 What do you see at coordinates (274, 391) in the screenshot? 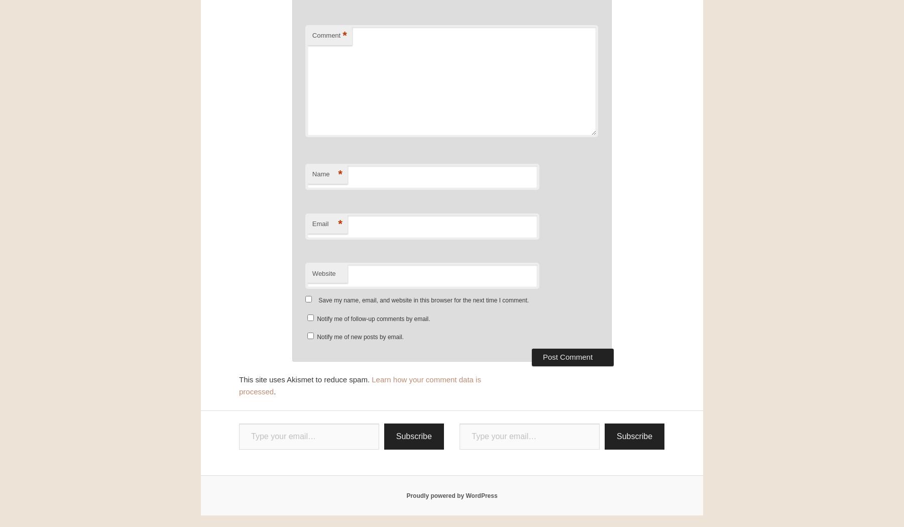
I see `'.'` at bounding box center [274, 391].